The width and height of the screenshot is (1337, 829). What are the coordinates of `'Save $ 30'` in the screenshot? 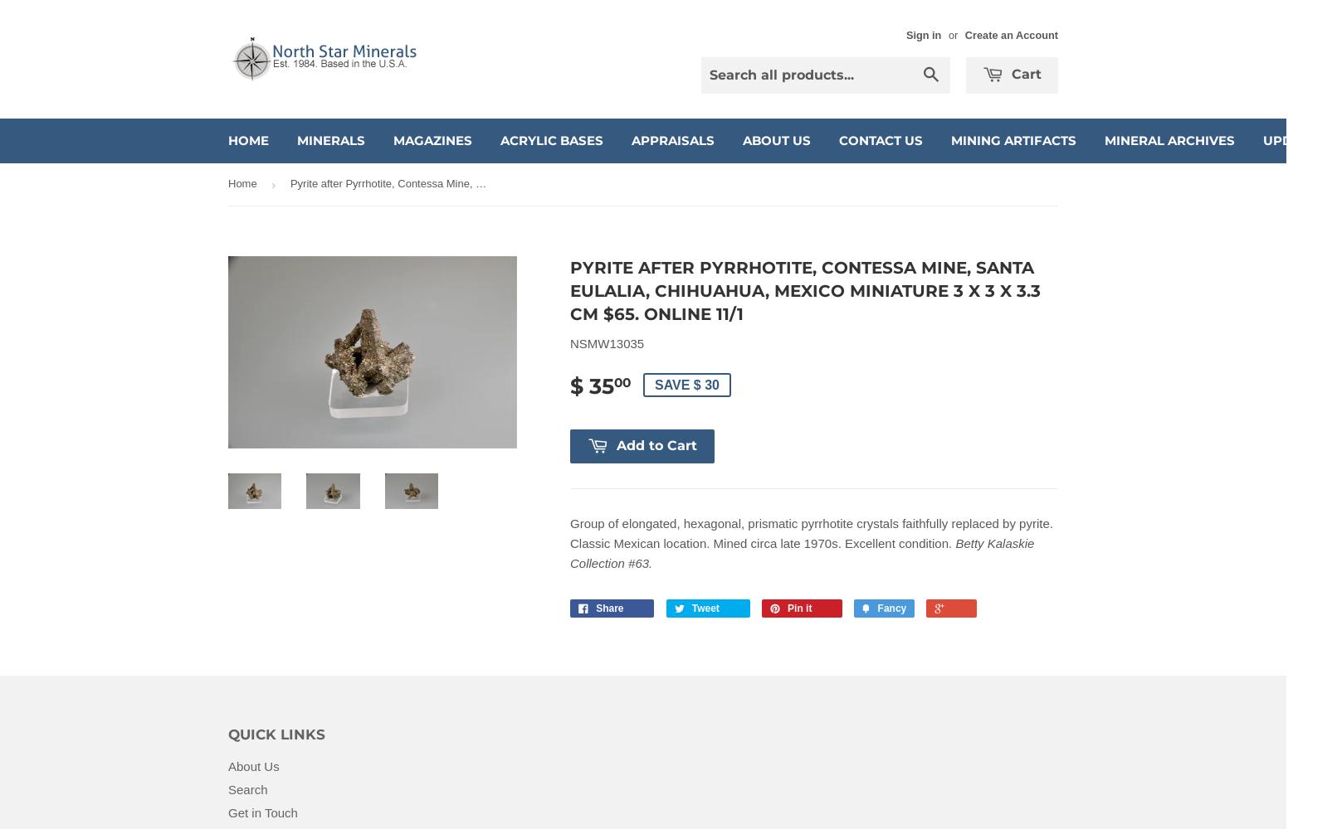 It's located at (686, 383).